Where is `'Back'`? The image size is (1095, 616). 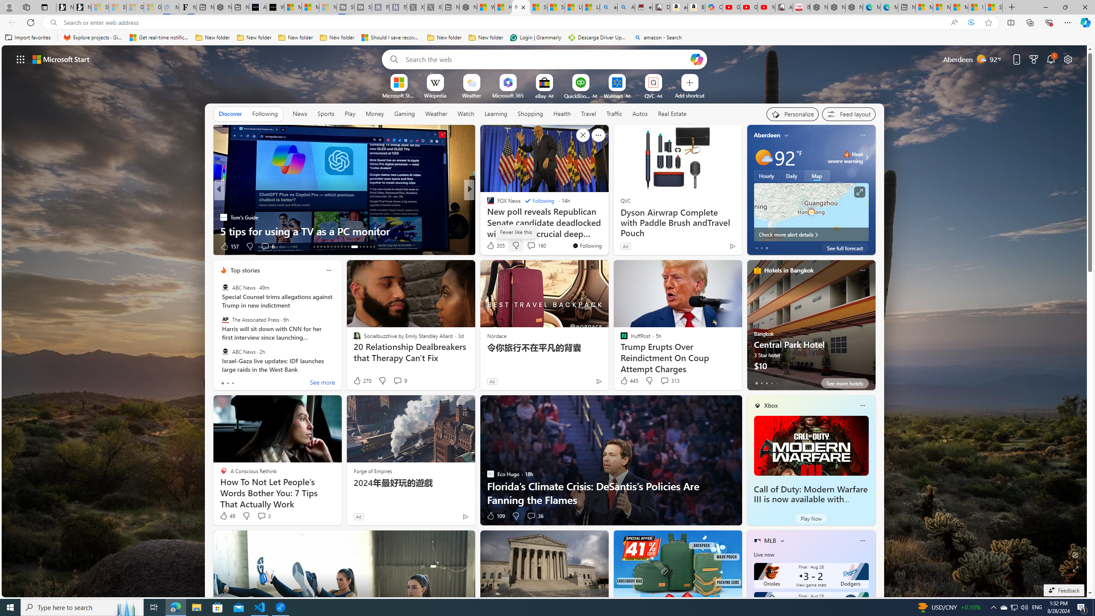 'Back' is located at coordinates (10, 22).